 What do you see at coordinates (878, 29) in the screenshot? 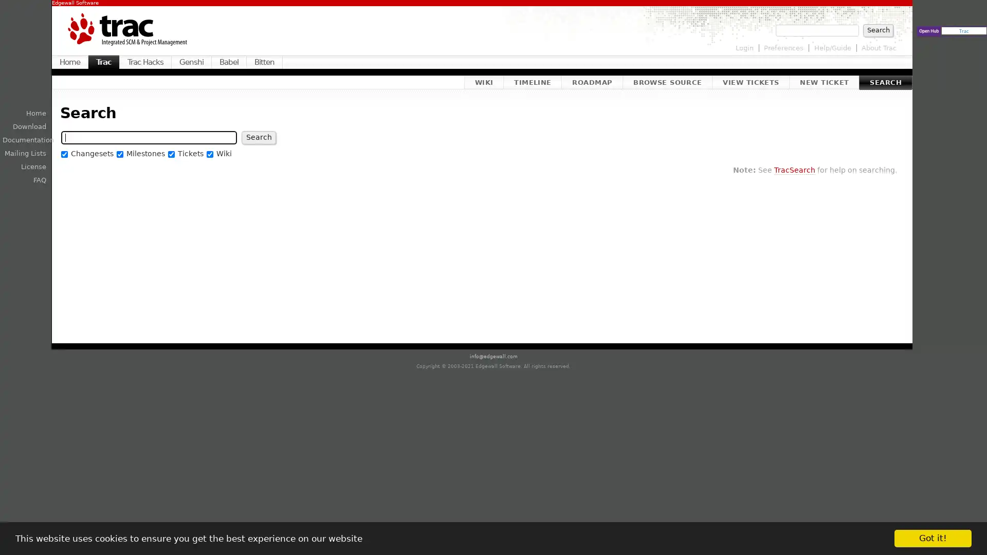
I see `Search` at bounding box center [878, 29].